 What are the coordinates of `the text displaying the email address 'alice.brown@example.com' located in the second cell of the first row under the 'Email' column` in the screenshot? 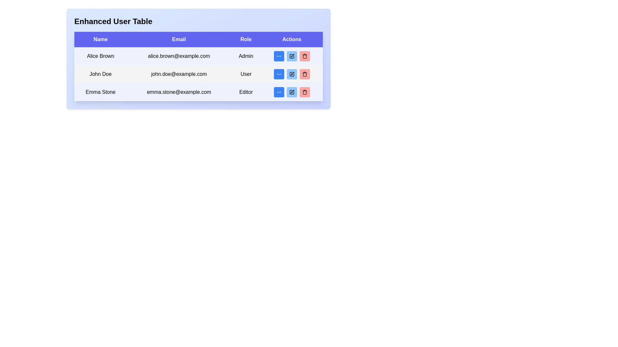 It's located at (179, 56).